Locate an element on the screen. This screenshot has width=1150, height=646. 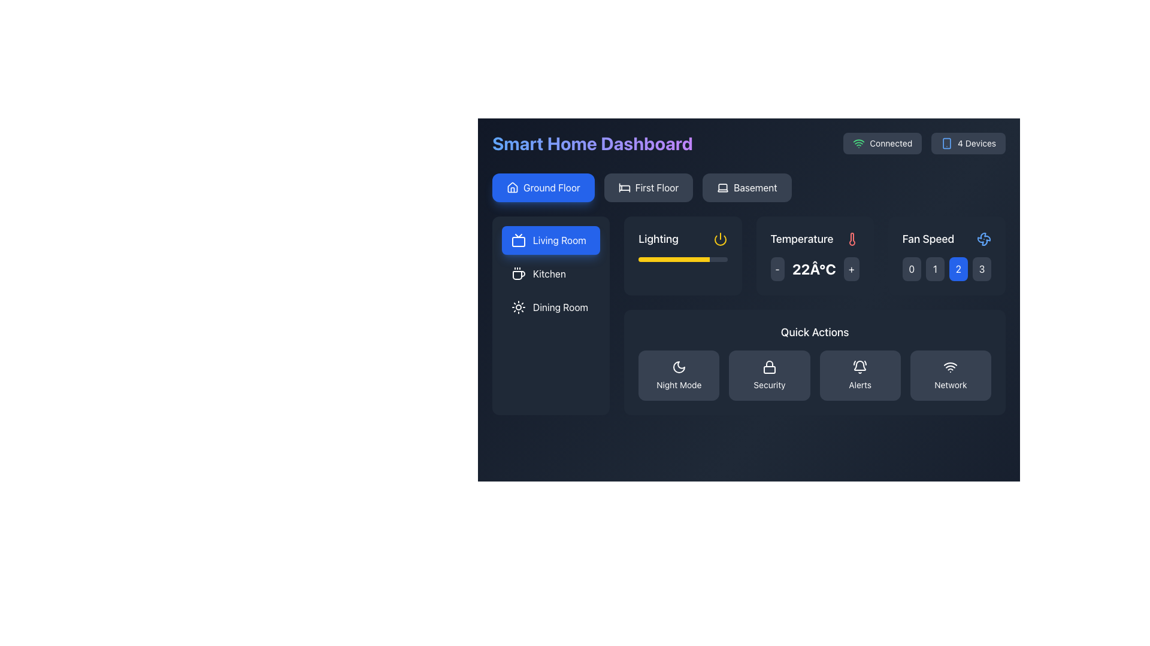
the button labeled '1' in the fan speed selection series, located under the 'Fan Speed' label in the upper-right portion of the interface, to observe the hover effect is located at coordinates (934, 269).